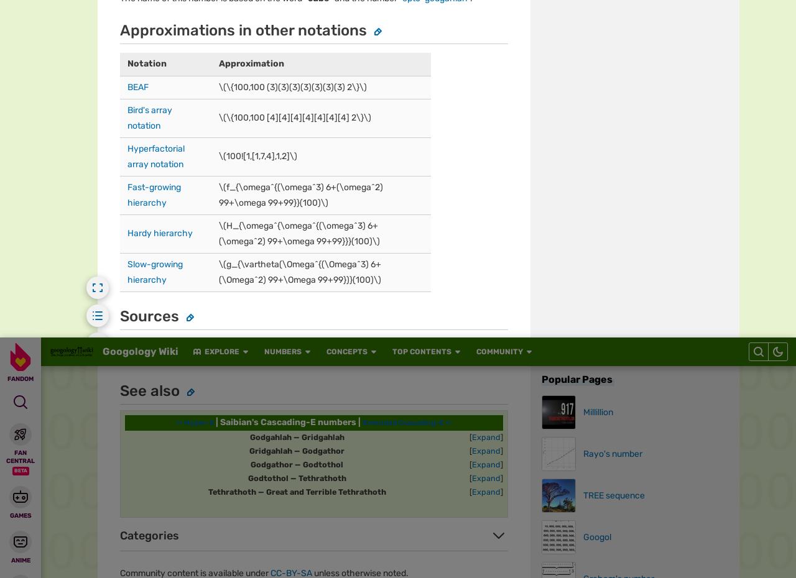  Describe the element at coordinates (298, 122) in the screenshot. I see `'Global Sitemap'` at that location.